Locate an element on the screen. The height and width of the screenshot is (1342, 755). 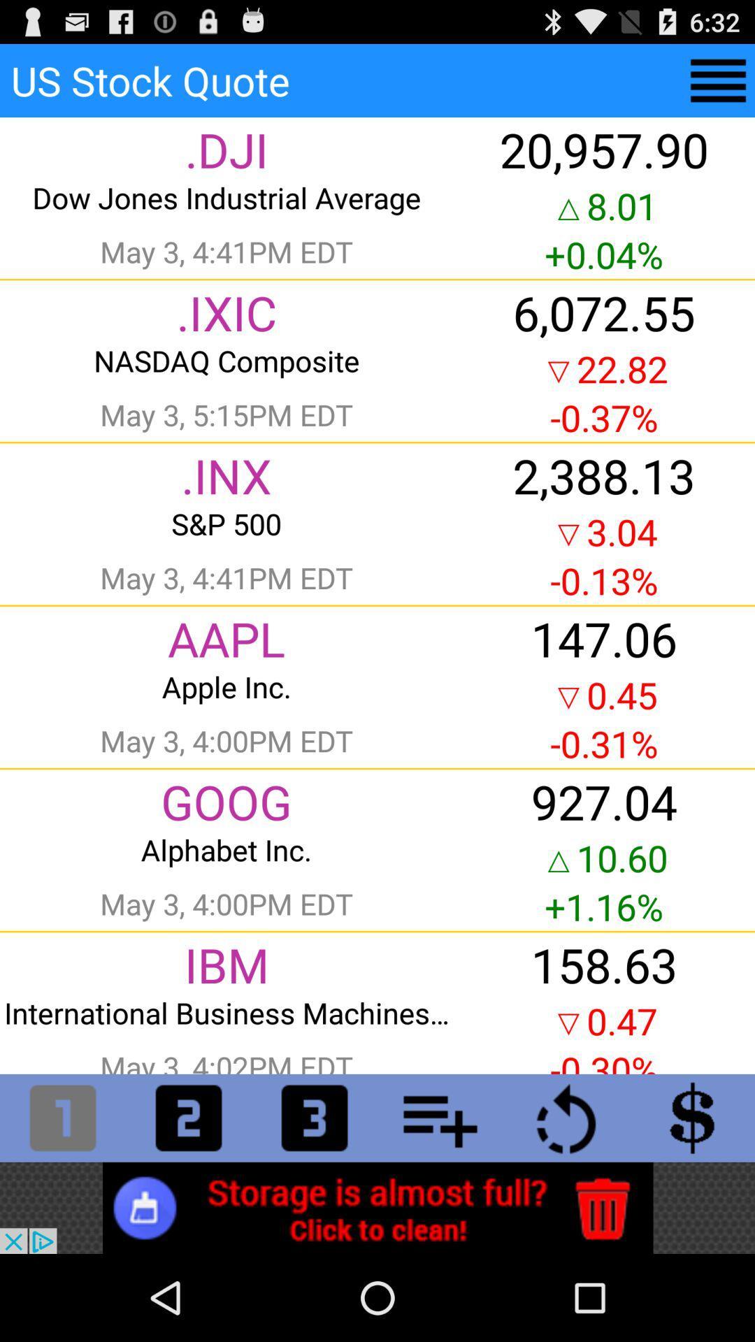
option 3 is located at coordinates (315, 1117).